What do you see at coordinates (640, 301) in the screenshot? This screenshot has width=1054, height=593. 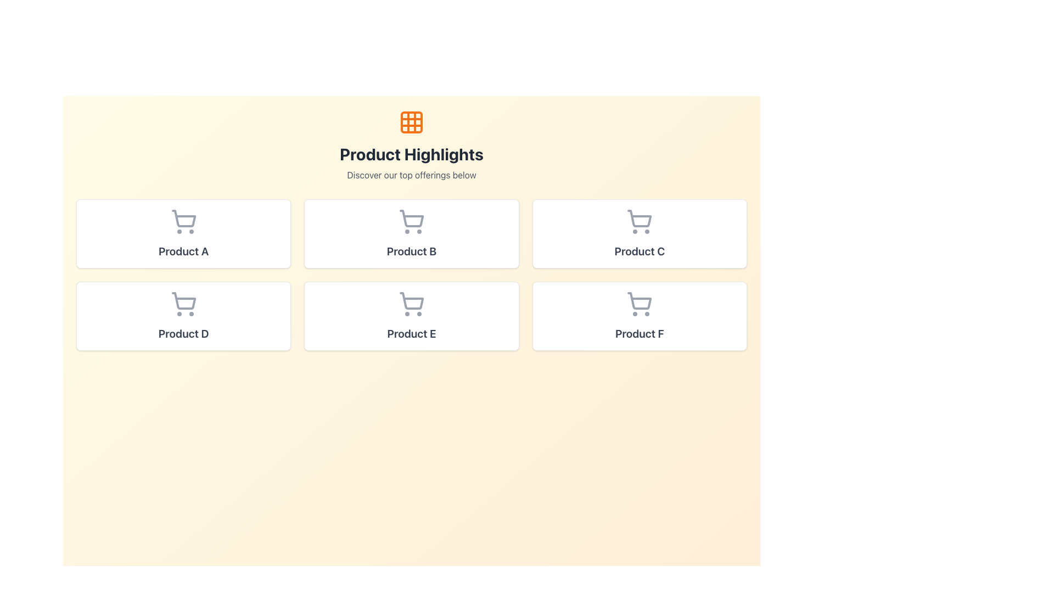 I see `the minimalistic gray shopping cart icon located in the bottom-right corner of the grid layout under the 'Product F' entry` at bounding box center [640, 301].